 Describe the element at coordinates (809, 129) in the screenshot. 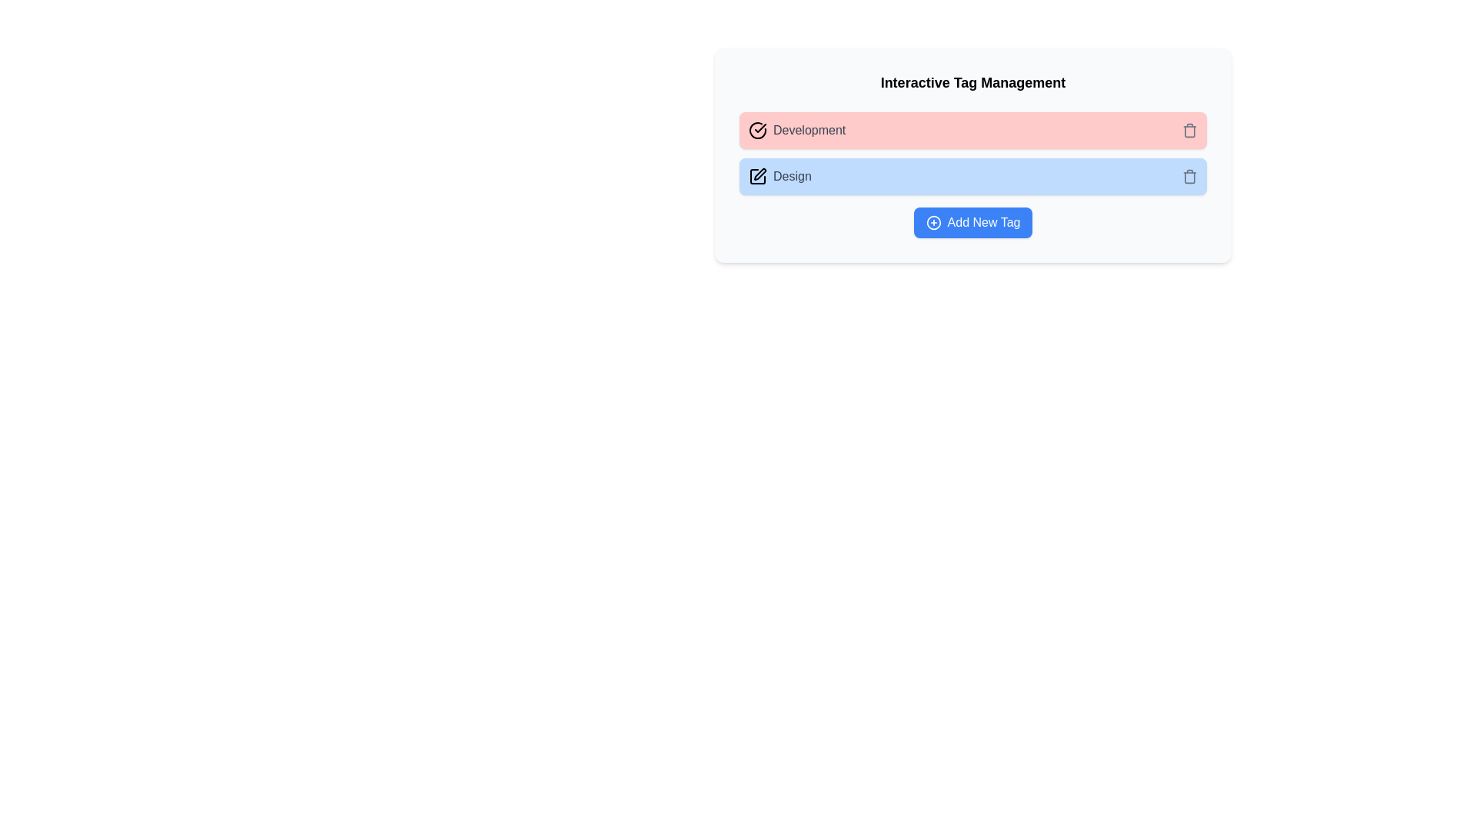

I see `the 'Development' text label, which is styled with a sans-serif font and gray color, located within a red background stripe in the 'Interactive Tag Management' group` at that location.